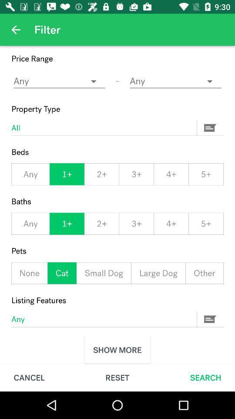  What do you see at coordinates (61, 273) in the screenshot?
I see `the text which is in between none and small dog` at bounding box center [61, 273].